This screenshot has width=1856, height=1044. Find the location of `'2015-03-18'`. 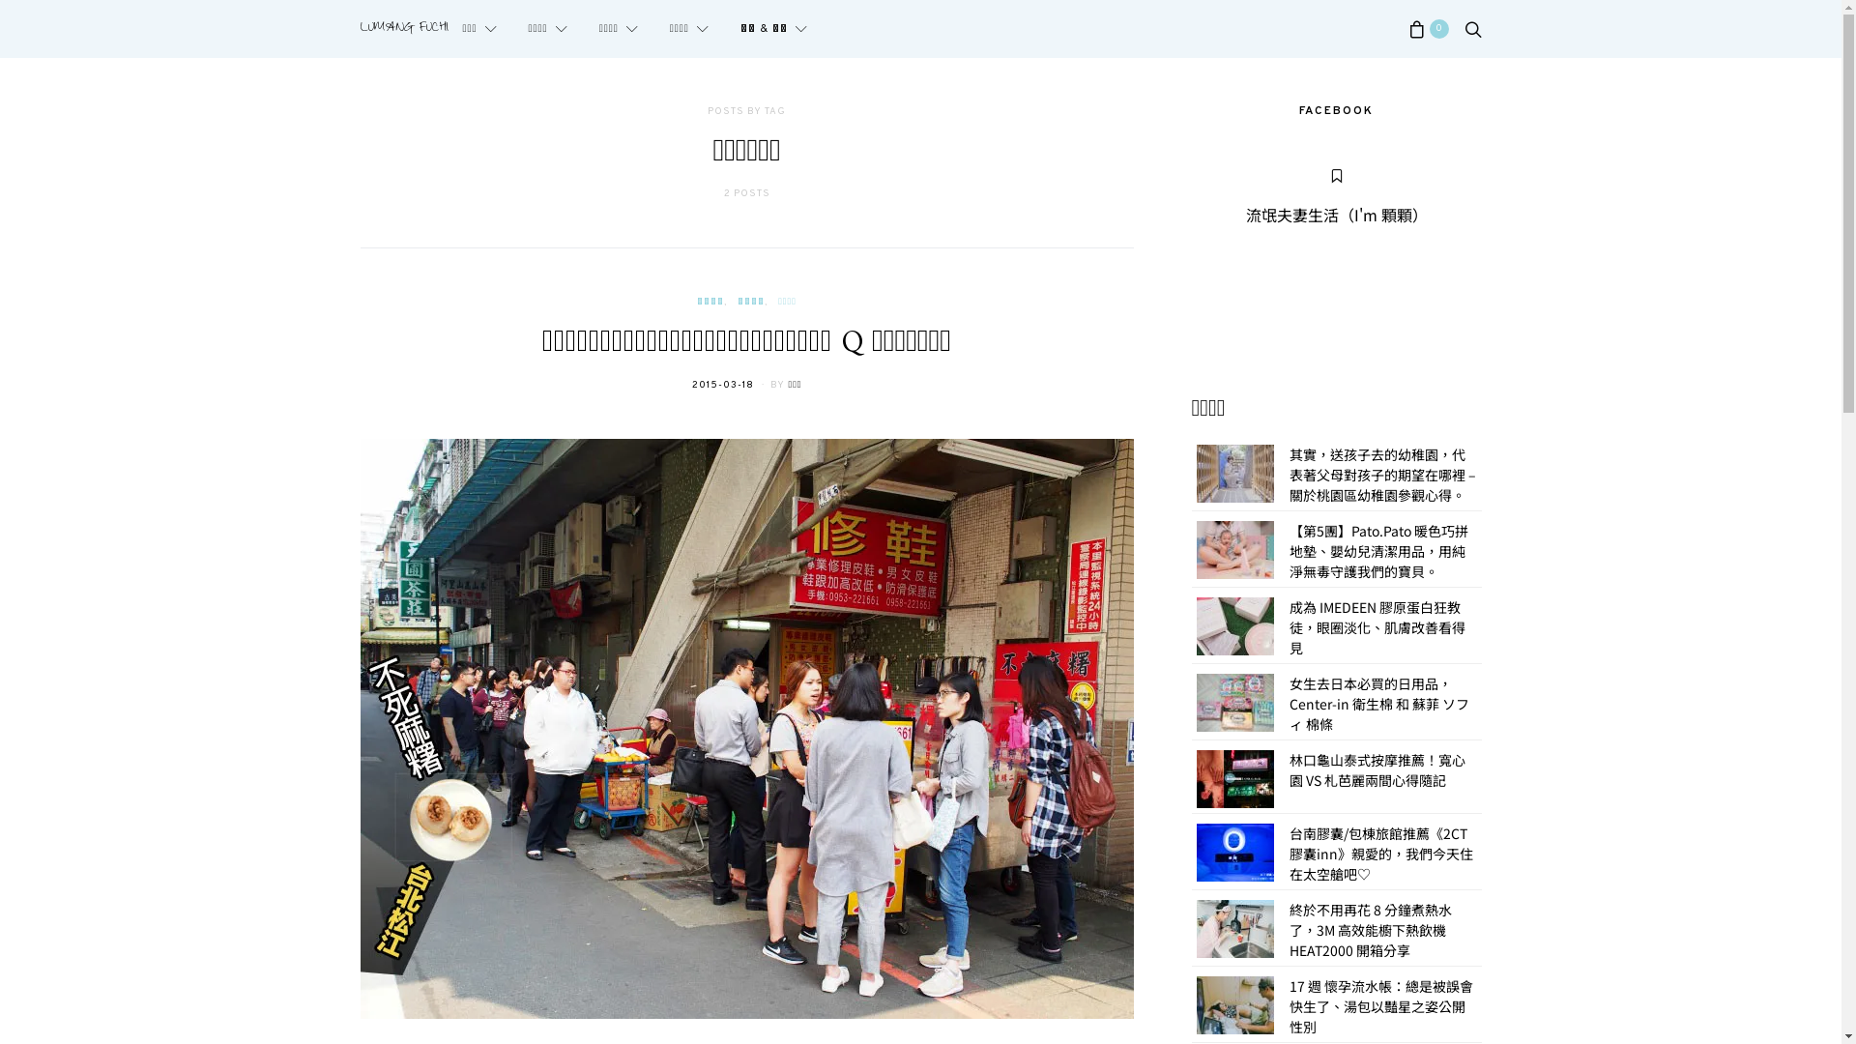

'2015-03-18' is located at coordinates (722, 385).